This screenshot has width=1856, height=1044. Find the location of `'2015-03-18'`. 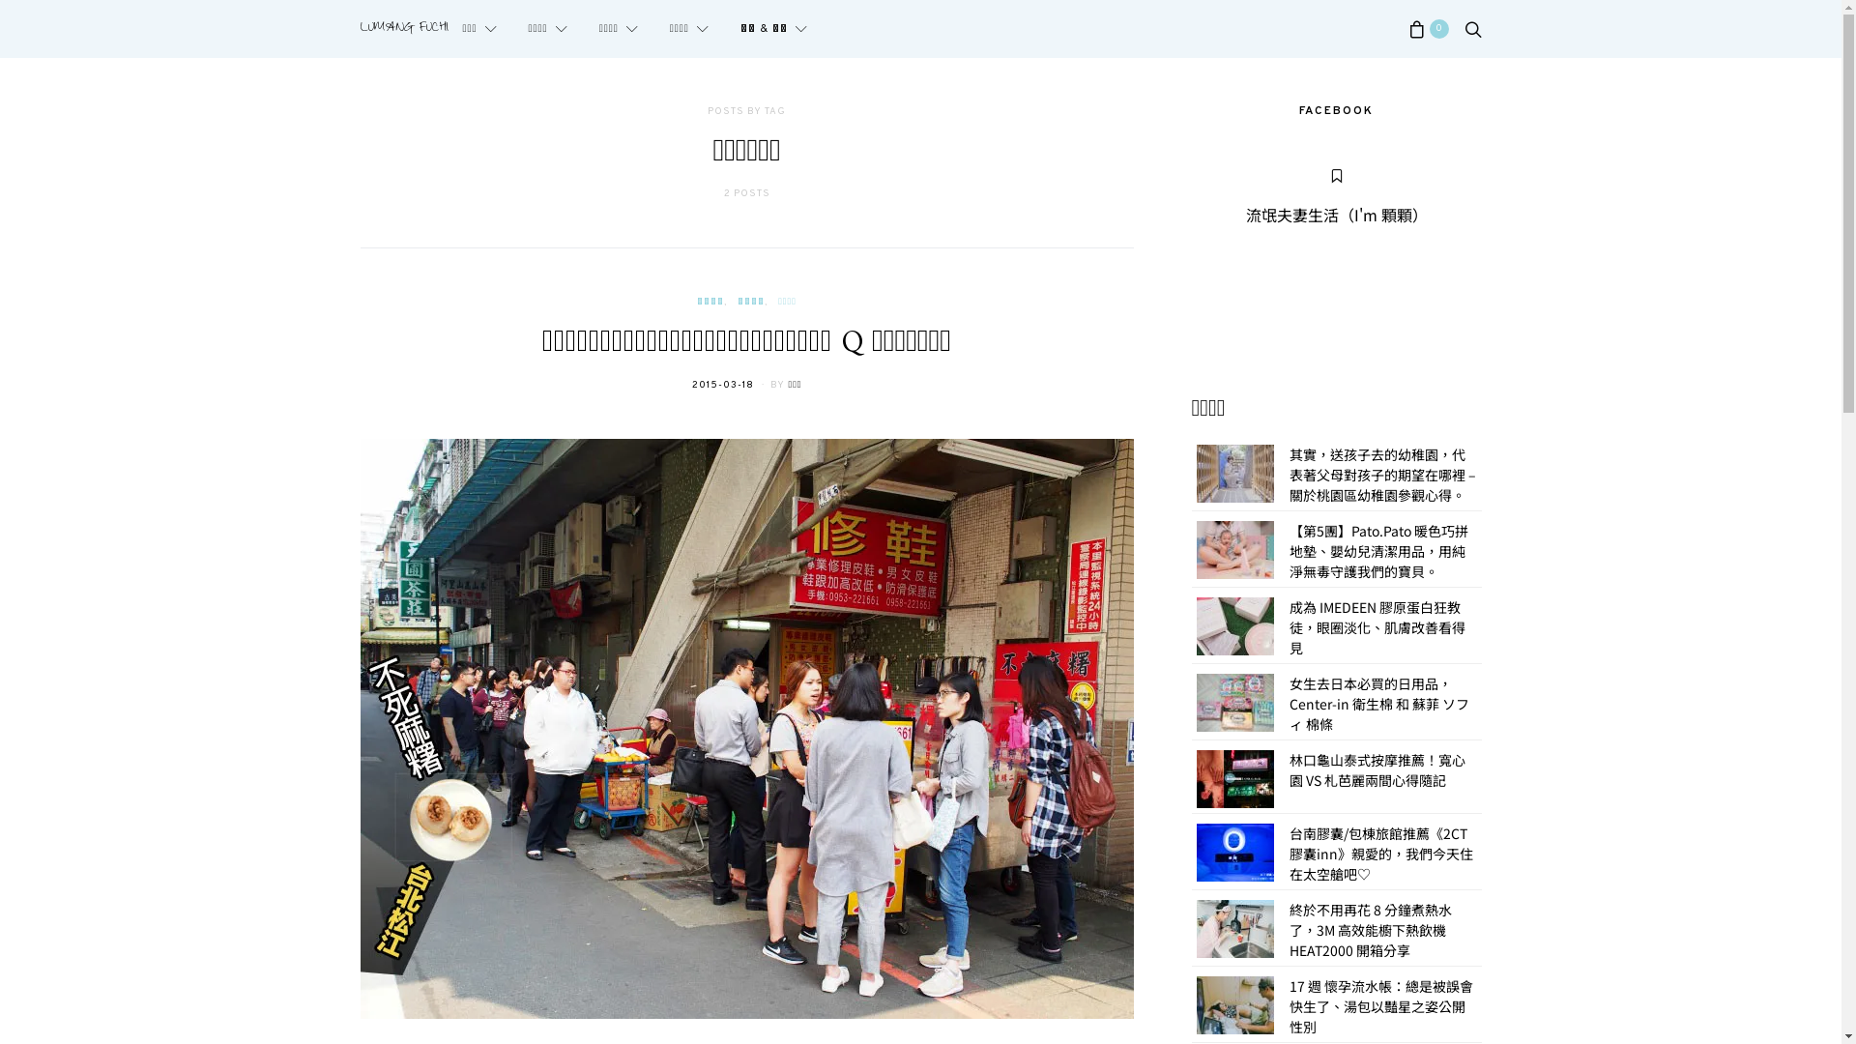

'2015-03-18' is located at coordinates (722, 385).